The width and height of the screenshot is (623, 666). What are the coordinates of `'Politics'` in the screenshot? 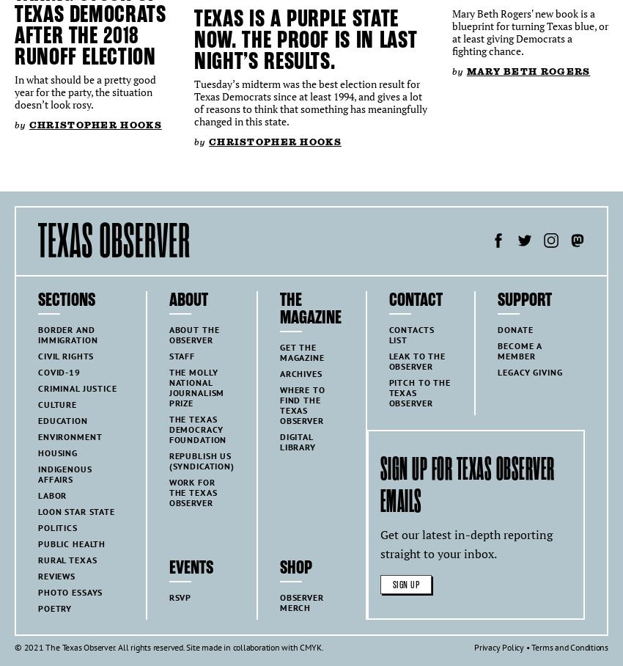 It's located at (38, 527).